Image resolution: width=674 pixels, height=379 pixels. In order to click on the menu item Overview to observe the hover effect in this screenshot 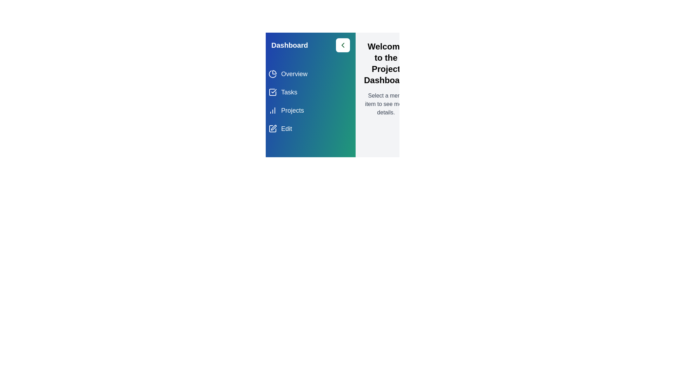, I will do `click(310, 74)`.